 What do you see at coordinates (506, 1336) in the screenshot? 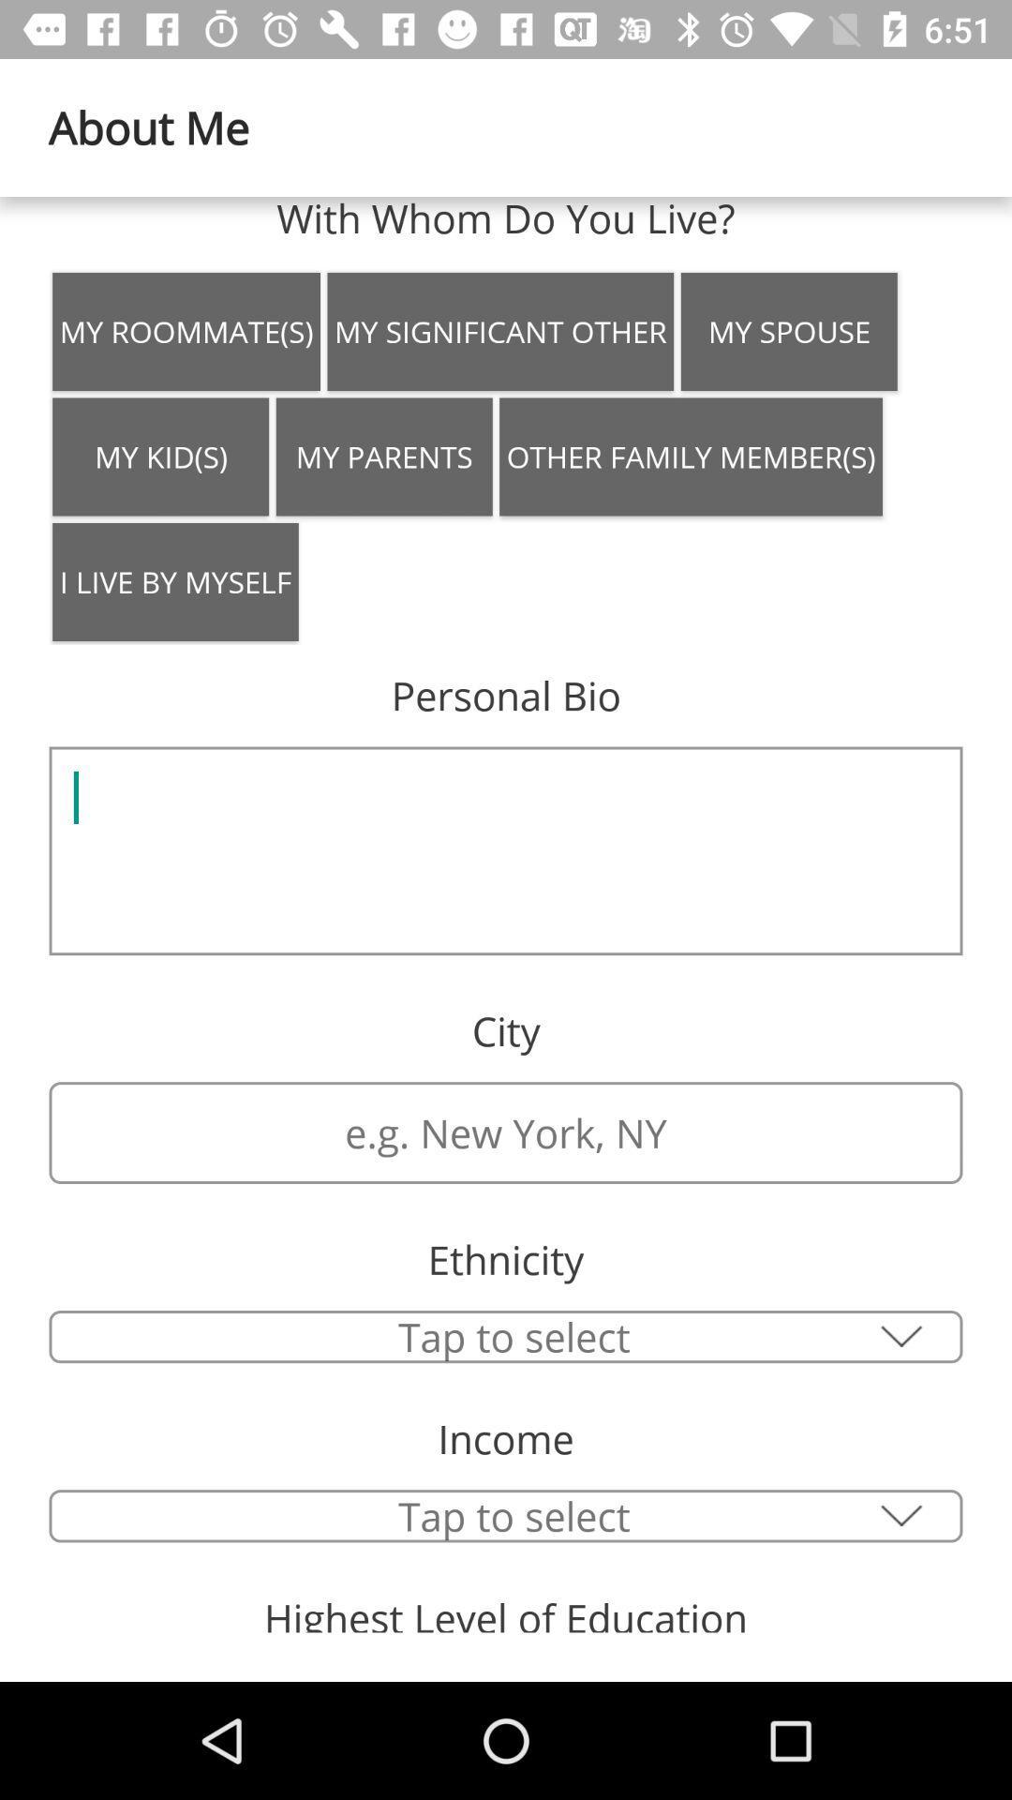
I see `tap to select option` at bounding box center [506, 1336].